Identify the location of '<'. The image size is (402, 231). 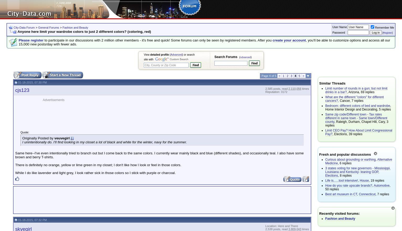
(279, 76).